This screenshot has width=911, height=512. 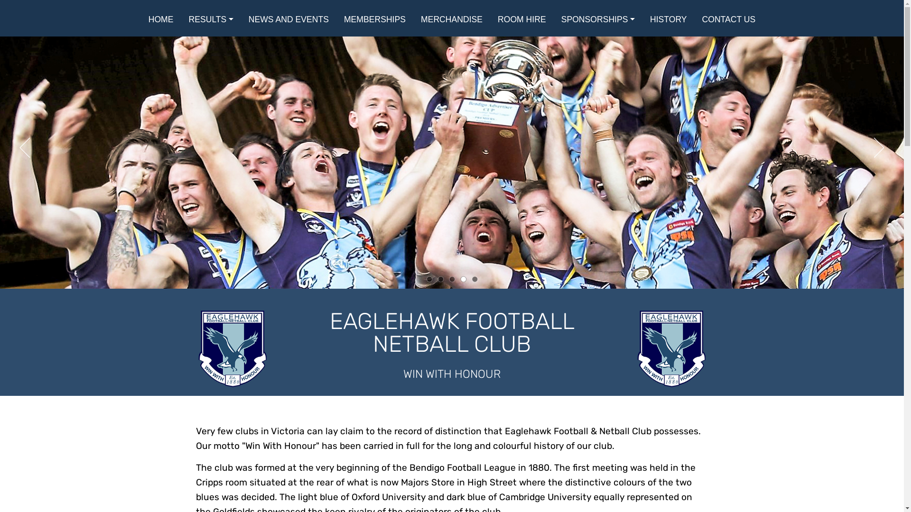 What do you see at coordinates (288, 19) in the screenshot?
I see `'NEWS AND EVENTS'` at bounding box center [288, 19].